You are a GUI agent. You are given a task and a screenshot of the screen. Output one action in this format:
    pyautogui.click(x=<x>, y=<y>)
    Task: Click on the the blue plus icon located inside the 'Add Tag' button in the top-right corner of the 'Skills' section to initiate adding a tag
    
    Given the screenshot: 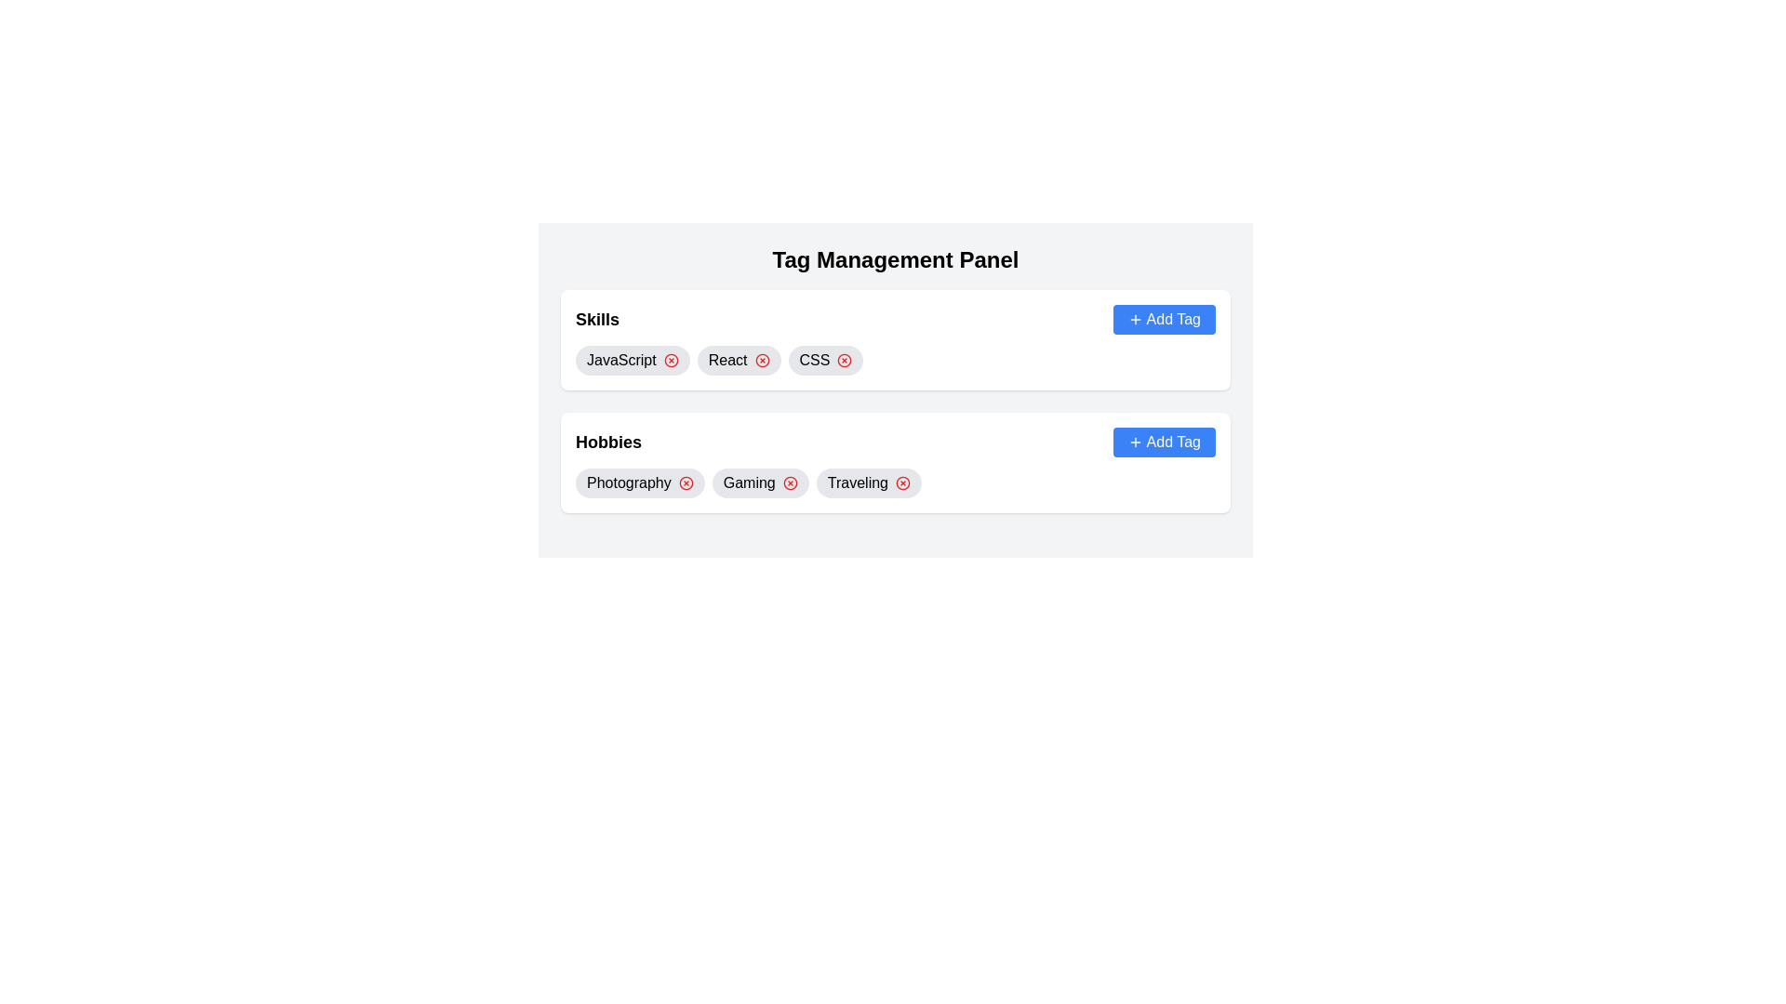 What is the action you would take?
    pyautogui.click(x=1134, y=318)
    